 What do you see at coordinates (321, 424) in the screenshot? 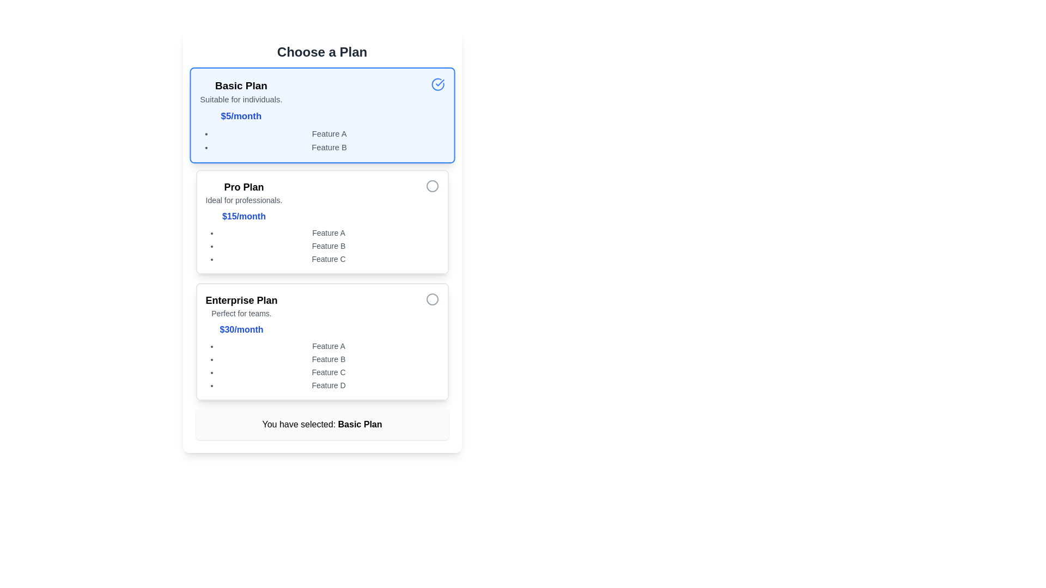
I see `the notification box that displays the message 'You have selected: Basic Plan' for confirmation of the user's selection` at bounding box center [321, 424].